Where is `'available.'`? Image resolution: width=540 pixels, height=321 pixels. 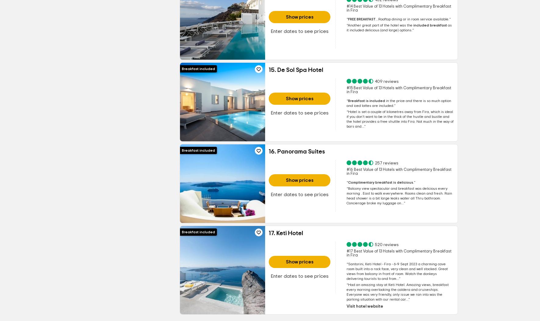
'available.' is located at coordinates (440, 19).